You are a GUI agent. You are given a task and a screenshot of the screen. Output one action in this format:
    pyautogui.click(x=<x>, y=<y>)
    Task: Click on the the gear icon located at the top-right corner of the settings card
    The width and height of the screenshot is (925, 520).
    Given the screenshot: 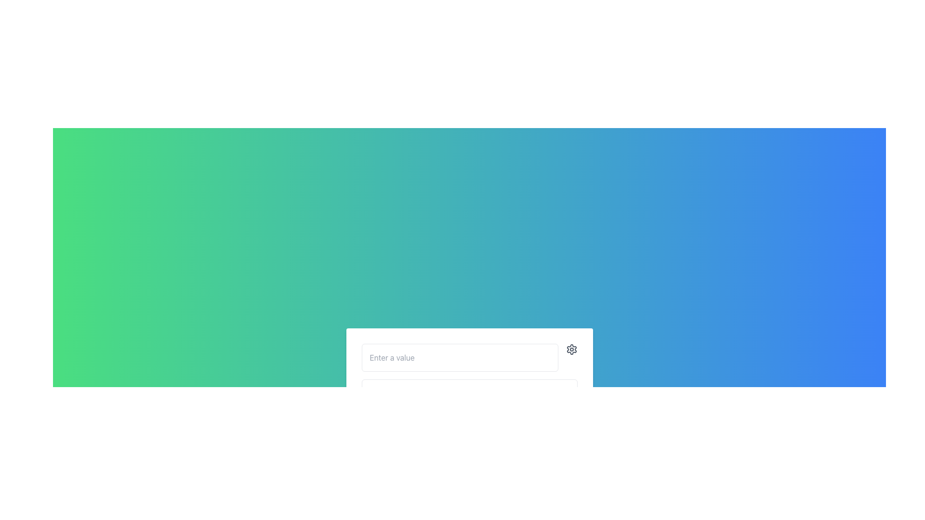 What is the action you would take?
    pyautogui.click(x=571, y=349)
    